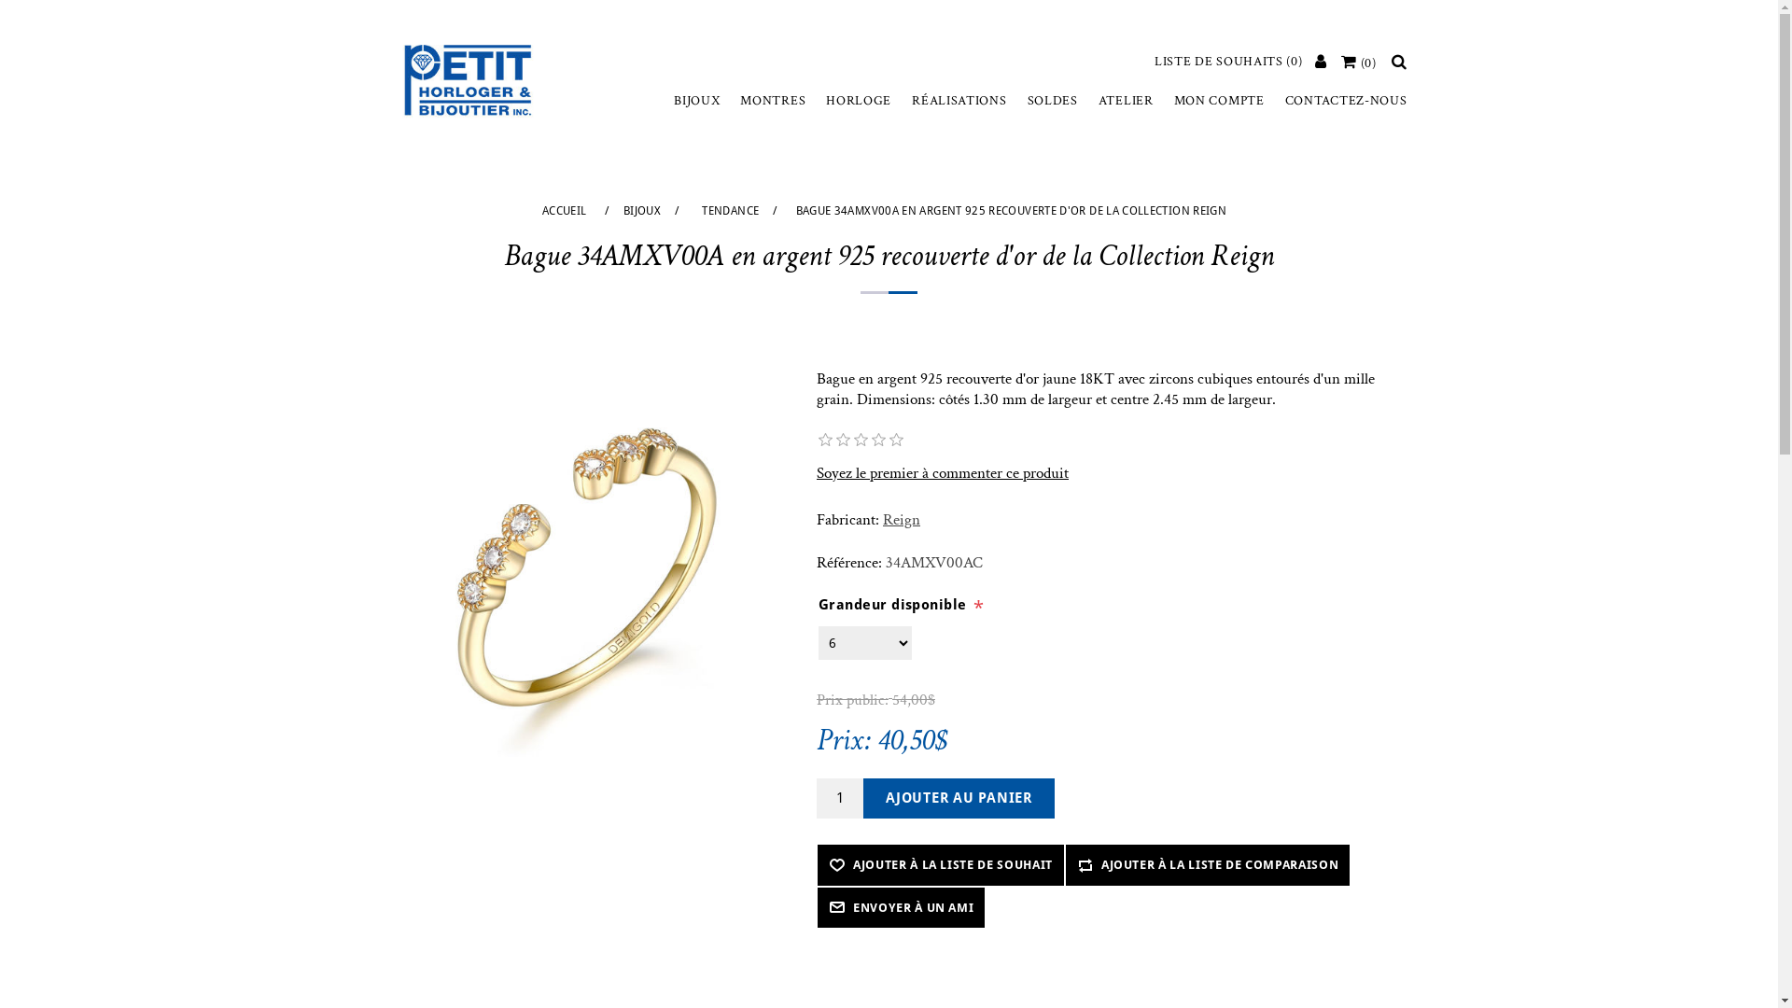 The height and width of the screenshot is (1008, 1792). Describe the element at coordinates (1125, 101) in the screenshot. I see `'ATELIER'` at that location.